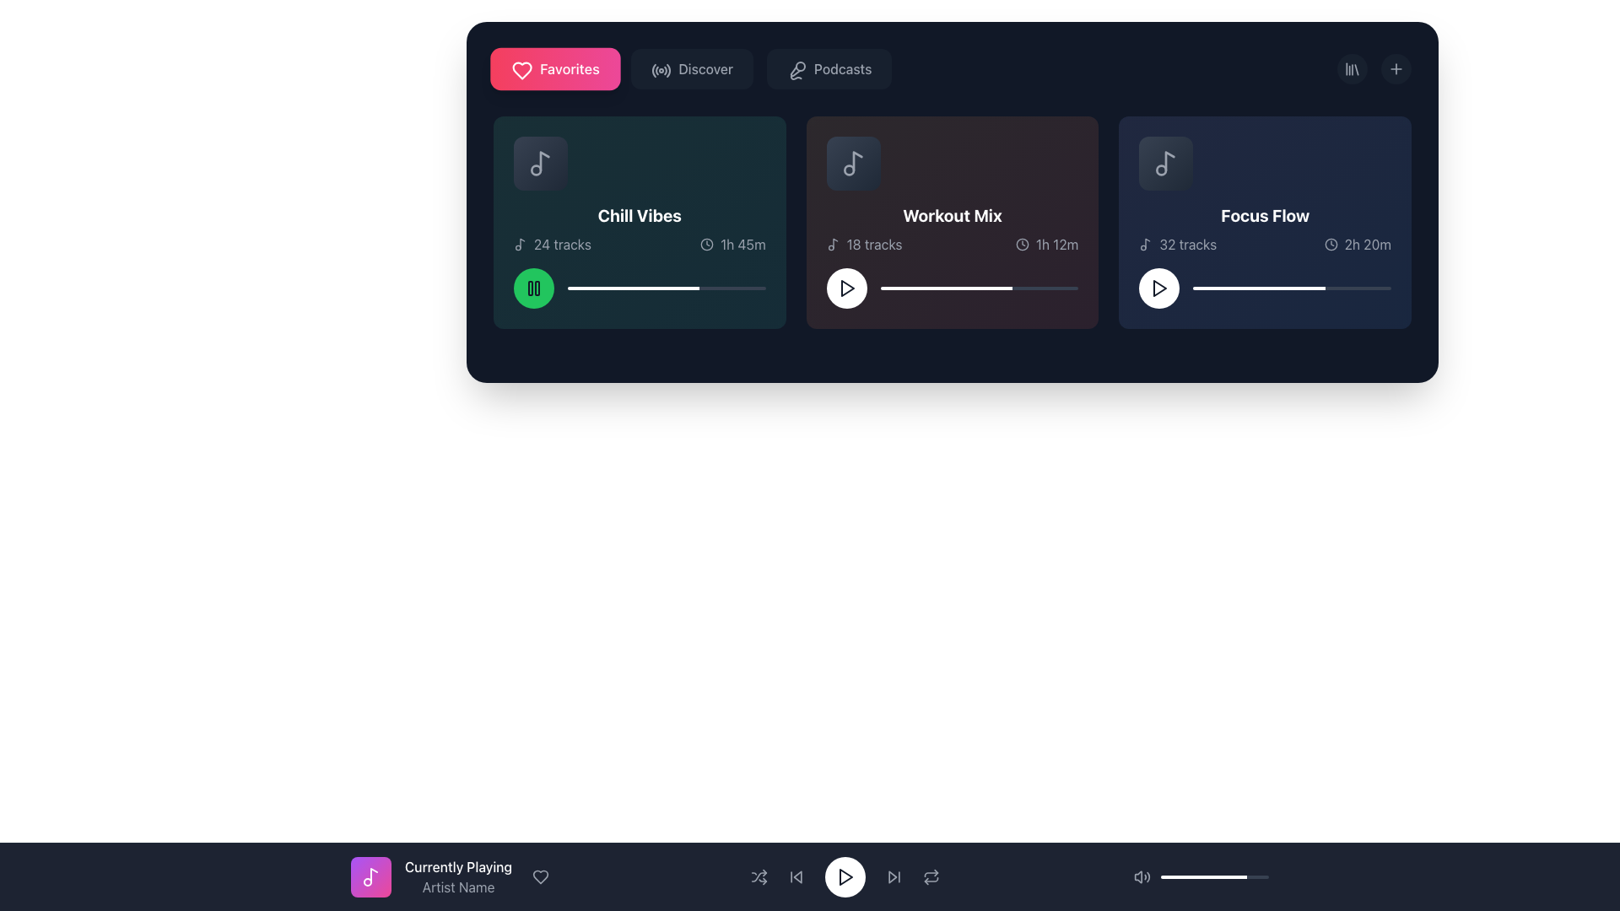  Describe the element at coordinates (1330, 244) in the screenshot. I see `the Clock icon located next to the text '2h 20m' within the 'Focus Flow' playlist card` at that location.